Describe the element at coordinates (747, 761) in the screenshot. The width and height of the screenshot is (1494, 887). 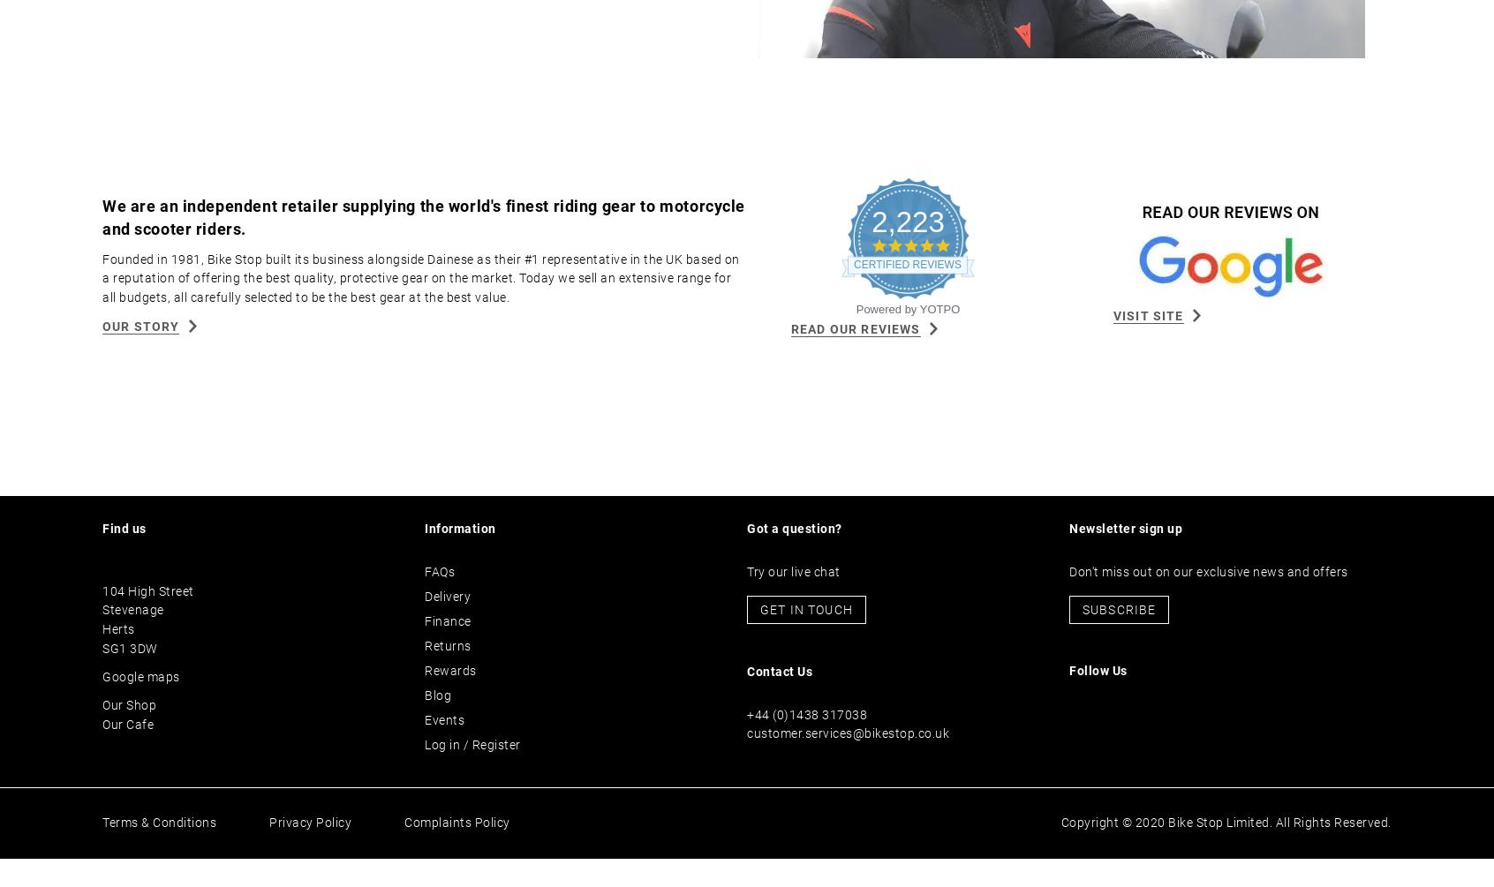
I see `'customer.services@bikestop.co.uk'` at that location.